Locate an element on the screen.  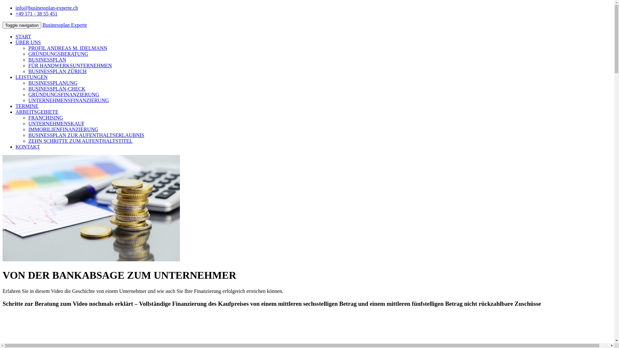
'TERMINE' is located at coordinates (26, 106).